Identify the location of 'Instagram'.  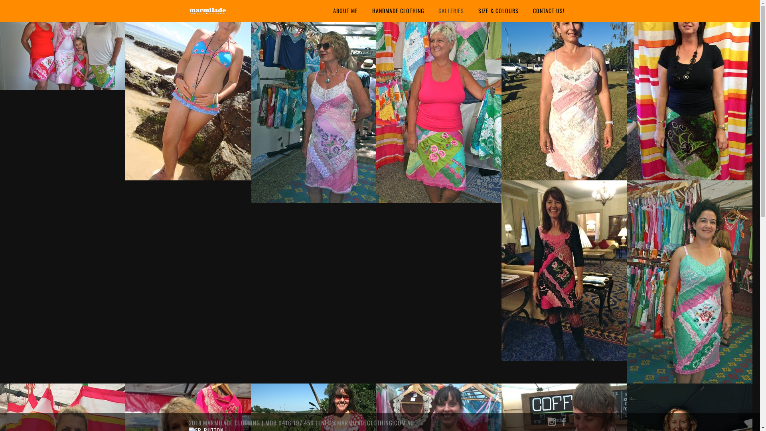
(551, 423).